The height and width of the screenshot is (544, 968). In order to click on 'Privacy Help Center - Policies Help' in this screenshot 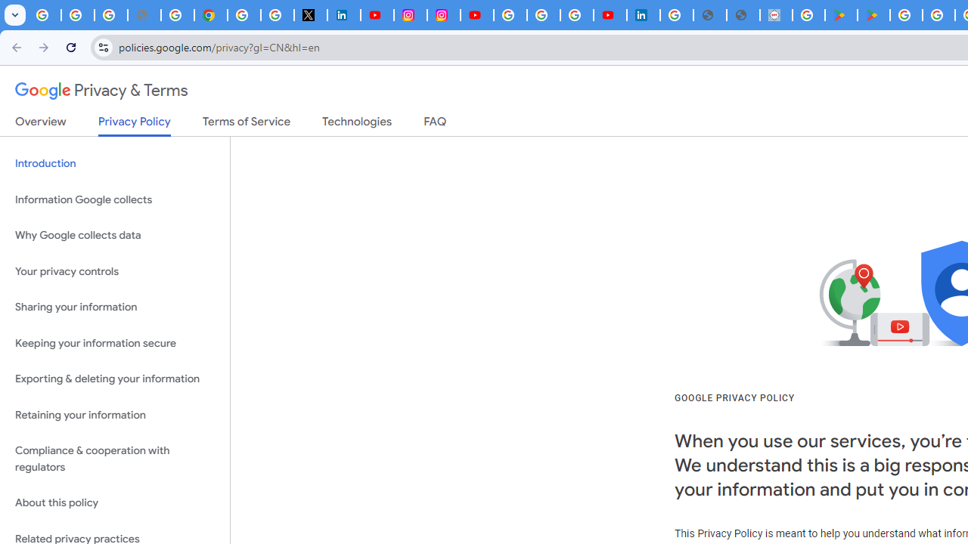, I will do `click(177, 15)`.